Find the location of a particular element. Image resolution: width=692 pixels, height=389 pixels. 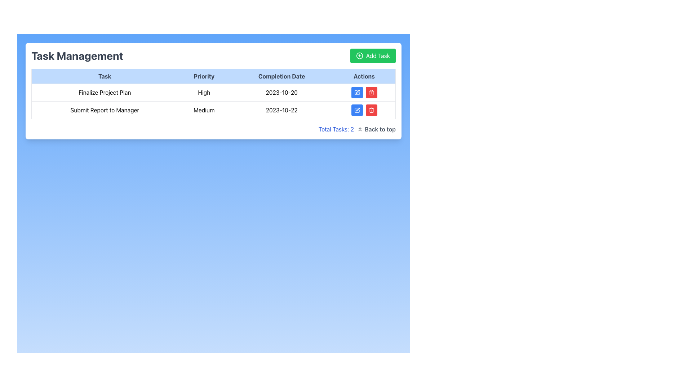

the Text Label that serves as a navigation feature to scroll to the top of the page, located next to the 'Total Tasks: 2' label and the double-chevron icon pointing upwards is located at coordinates (380, 129).